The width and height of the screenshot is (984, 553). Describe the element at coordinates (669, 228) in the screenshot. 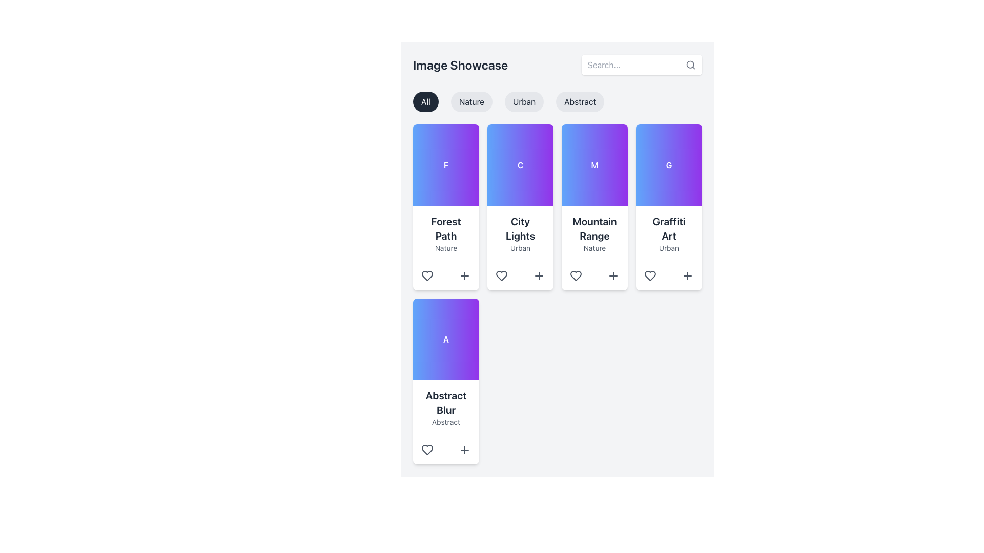

I see `the title text element located in the fourth column of the grid layout on the right side of the display, positioned above the smaller text 'Urban'` at that location.